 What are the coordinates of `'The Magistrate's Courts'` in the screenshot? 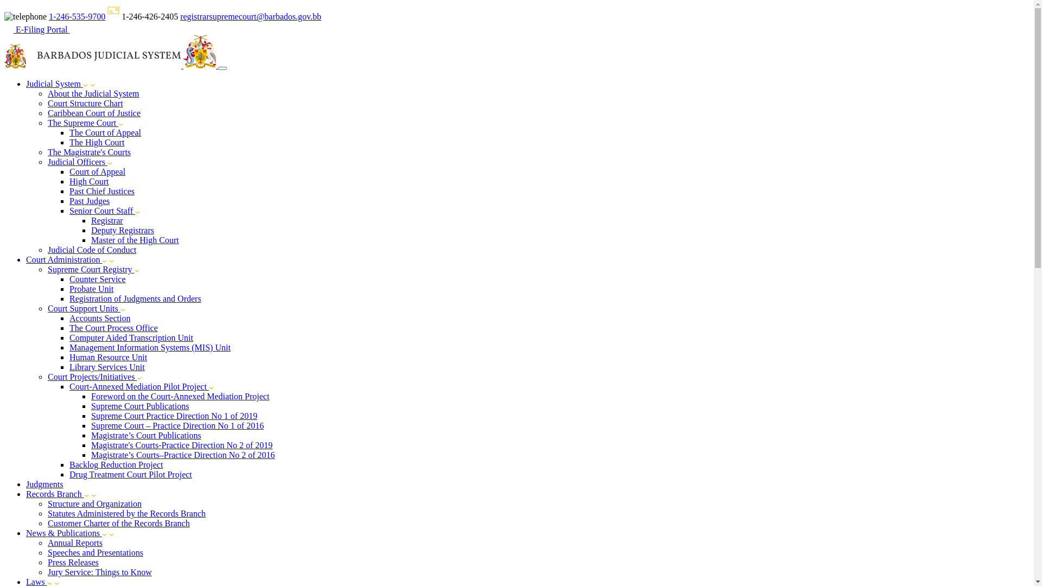 It's located at (89, 152).